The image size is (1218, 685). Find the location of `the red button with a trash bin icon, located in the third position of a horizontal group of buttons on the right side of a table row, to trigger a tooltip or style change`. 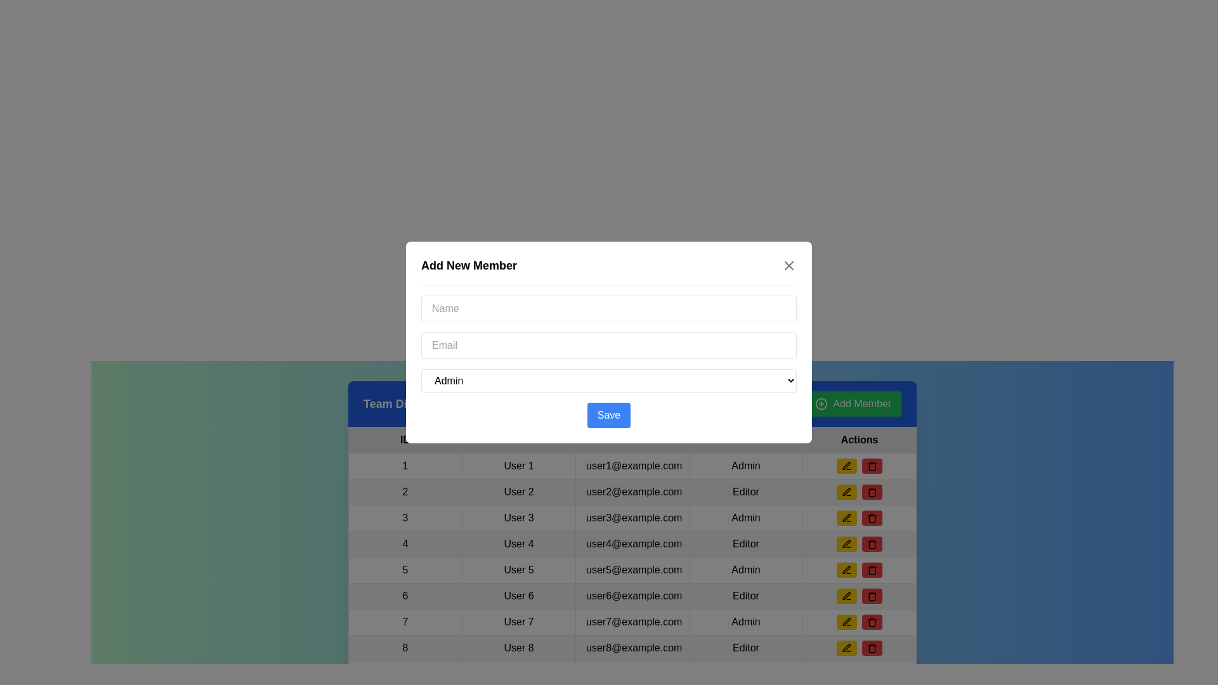

the red button with a trash bin icon, located in the third position of a horizontal group of buttons on the right side of a table row, to trigger a tooltip or style change is located at coordinates (871, 518).